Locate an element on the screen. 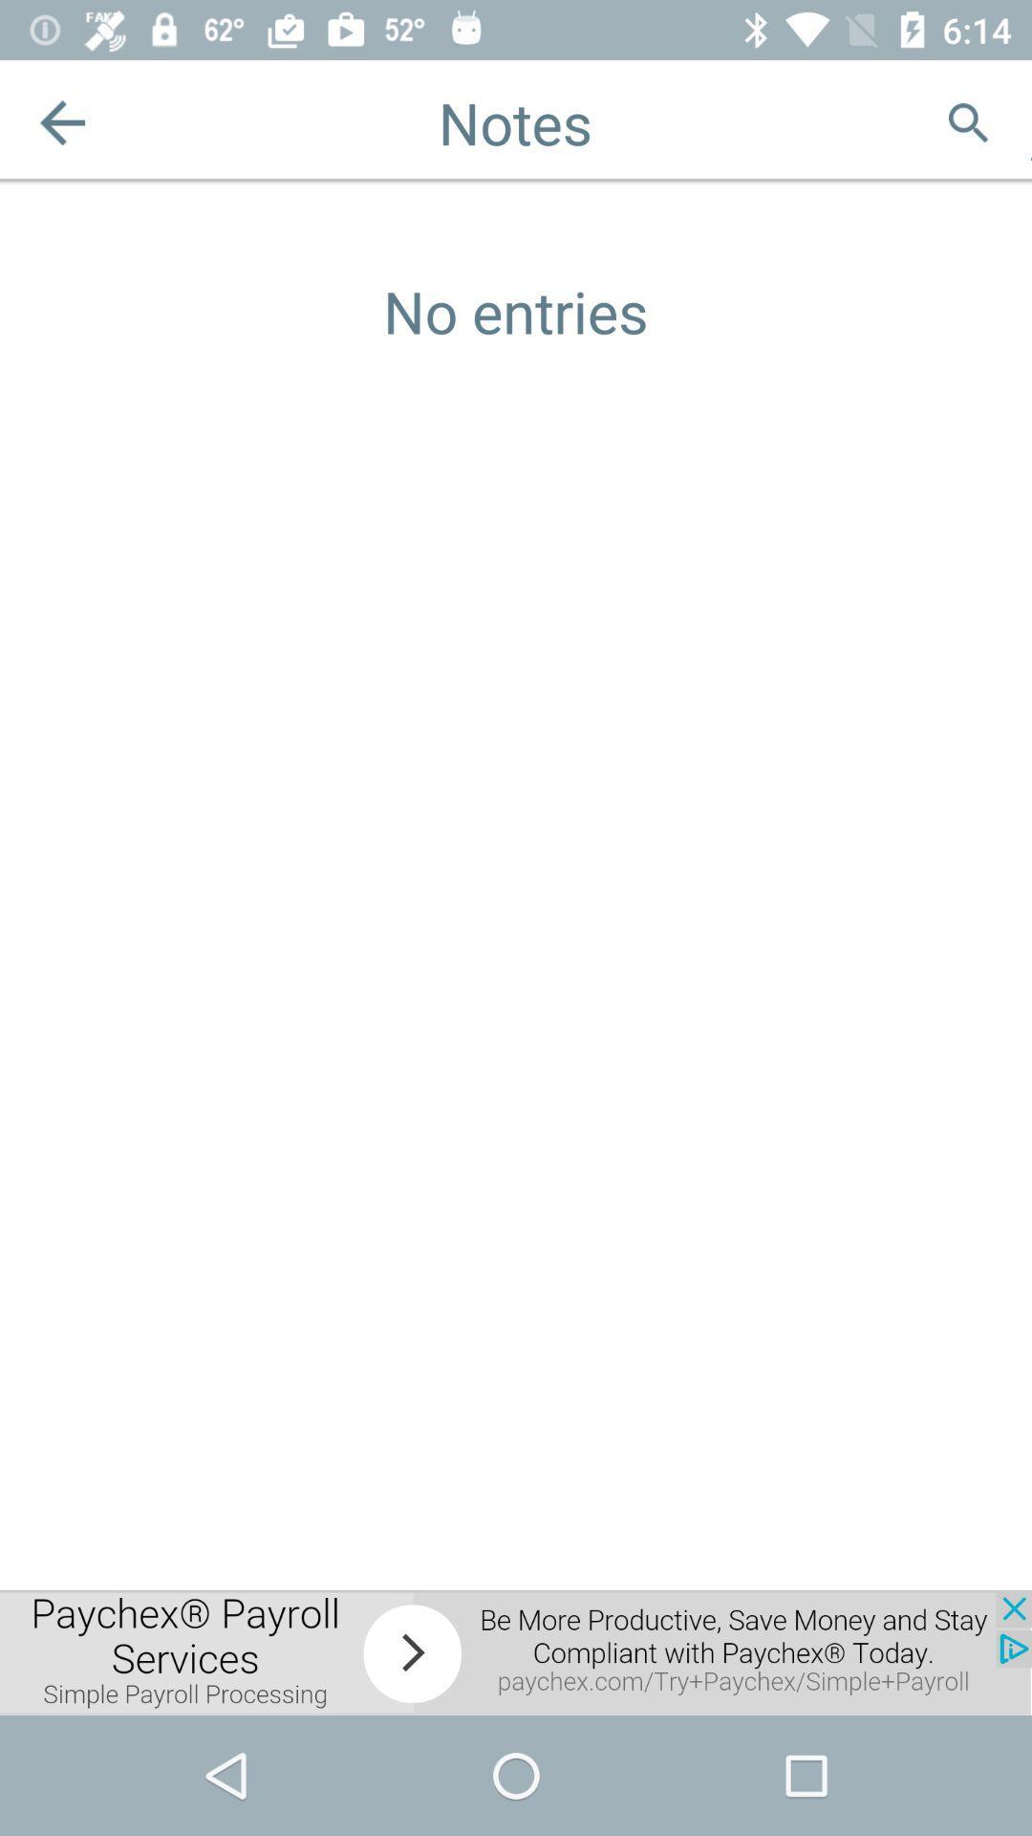 This screenshot has width=1032, height=1836. search icon is located at coordinates (968, 121).